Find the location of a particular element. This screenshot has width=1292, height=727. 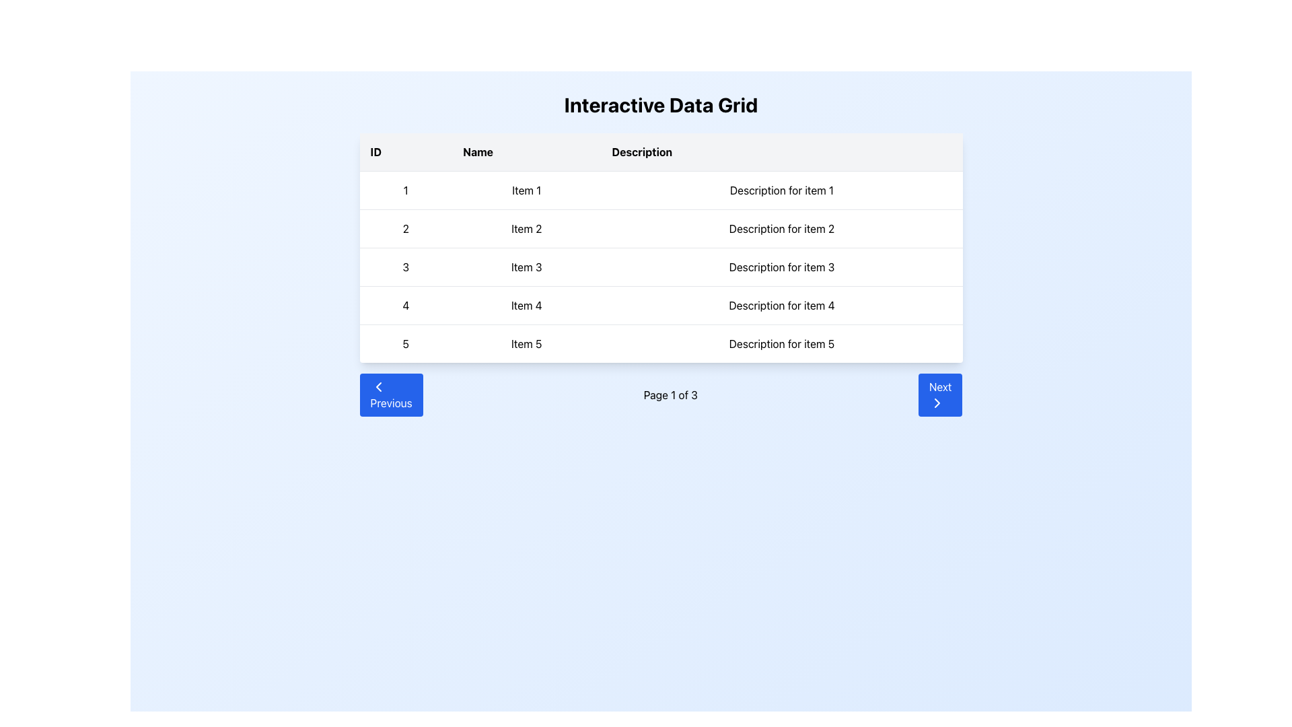

the text display element showing 'Description for item 4' in the fourth row of the data grid under the 'Description' column is located at coordinates (781, 306).